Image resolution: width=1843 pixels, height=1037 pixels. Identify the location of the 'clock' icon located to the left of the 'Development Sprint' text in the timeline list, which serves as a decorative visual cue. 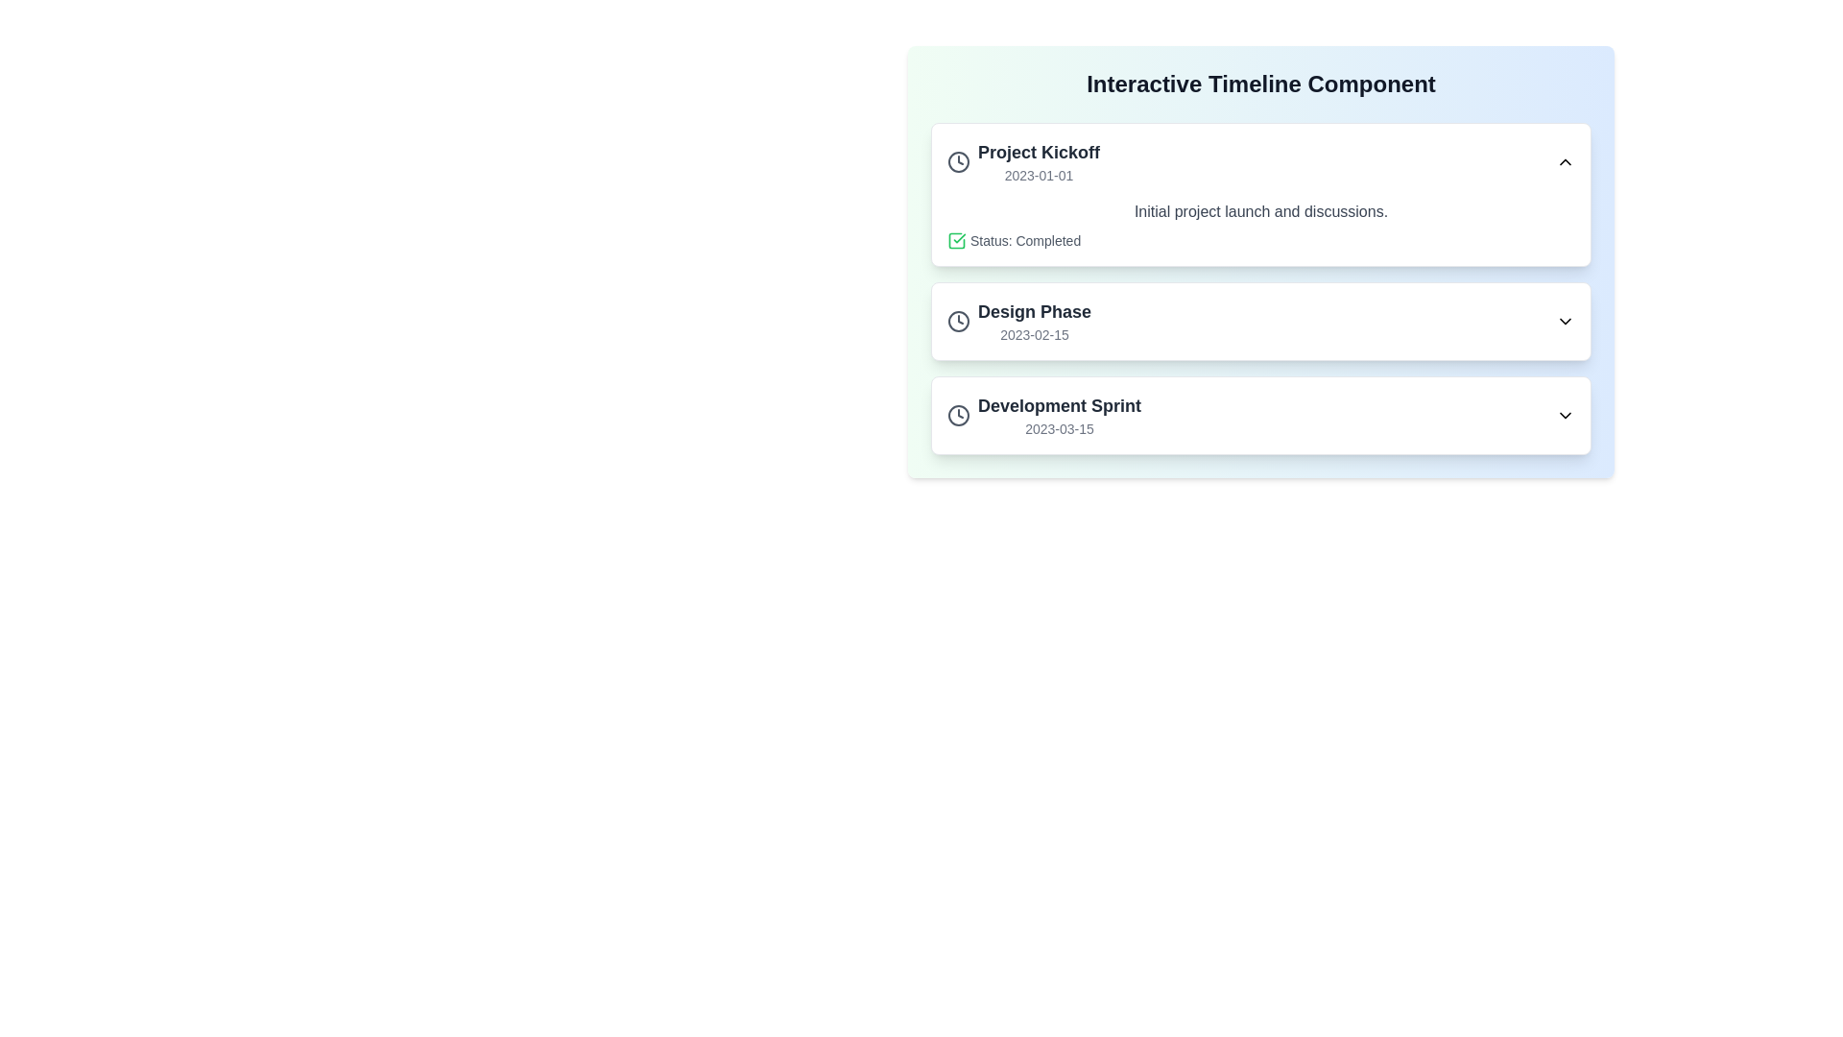
(958, 414).